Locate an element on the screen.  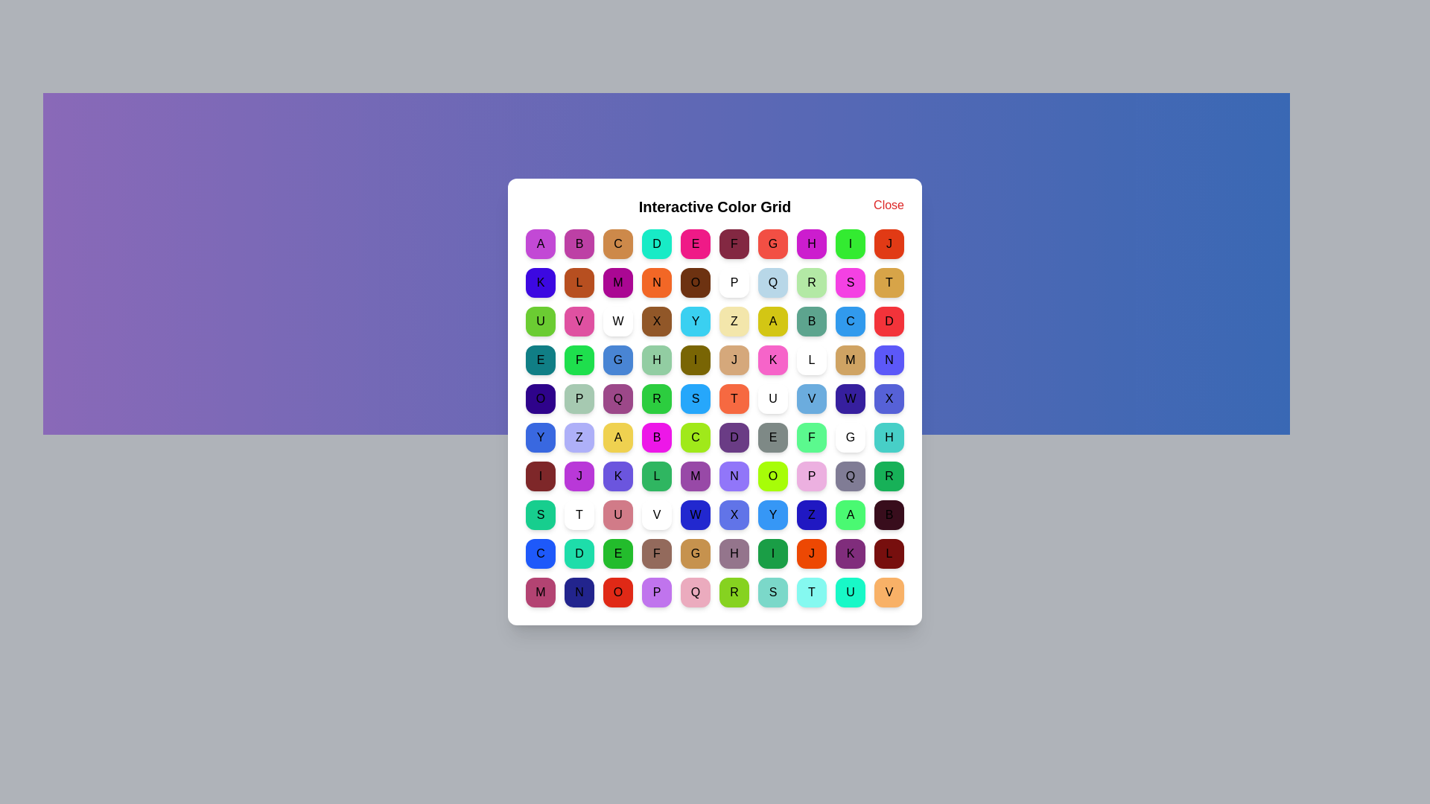
the grid cell labeled B to view its color message is located at coordinates (578, 243).